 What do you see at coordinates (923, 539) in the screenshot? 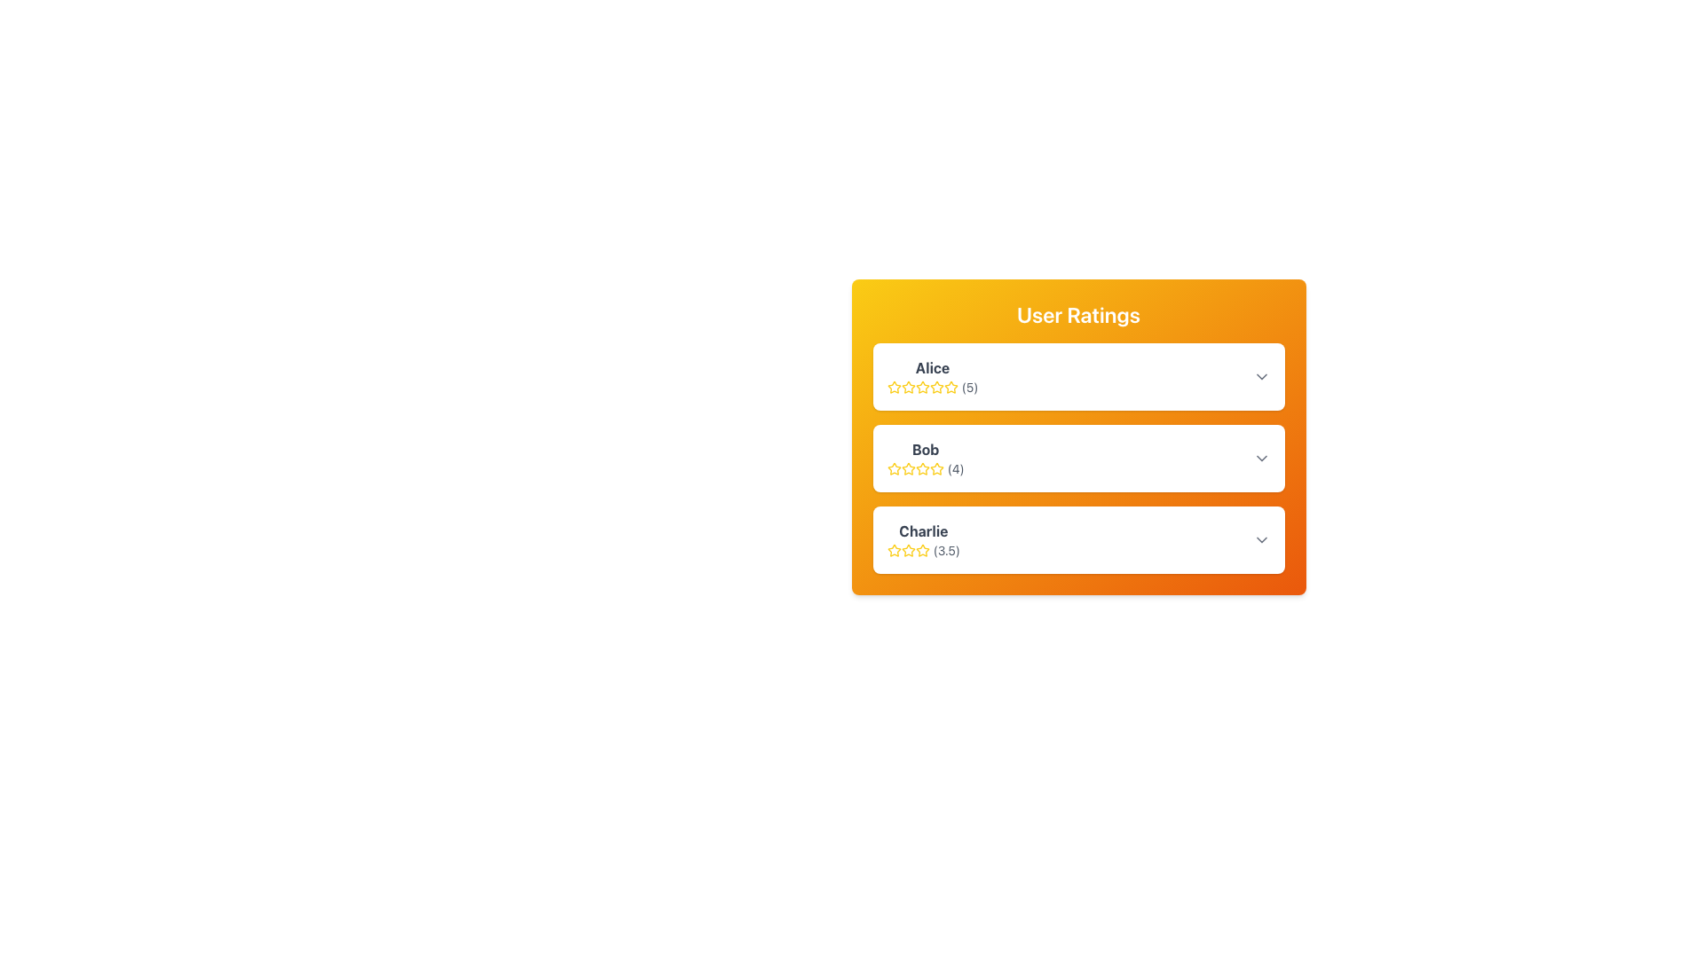
I see `name 'Charlie' and the rating '3.5' from the text and icon composite block displaying user ratings, which features a bold name and a yellow star rating` at bounding box center [923, 539].